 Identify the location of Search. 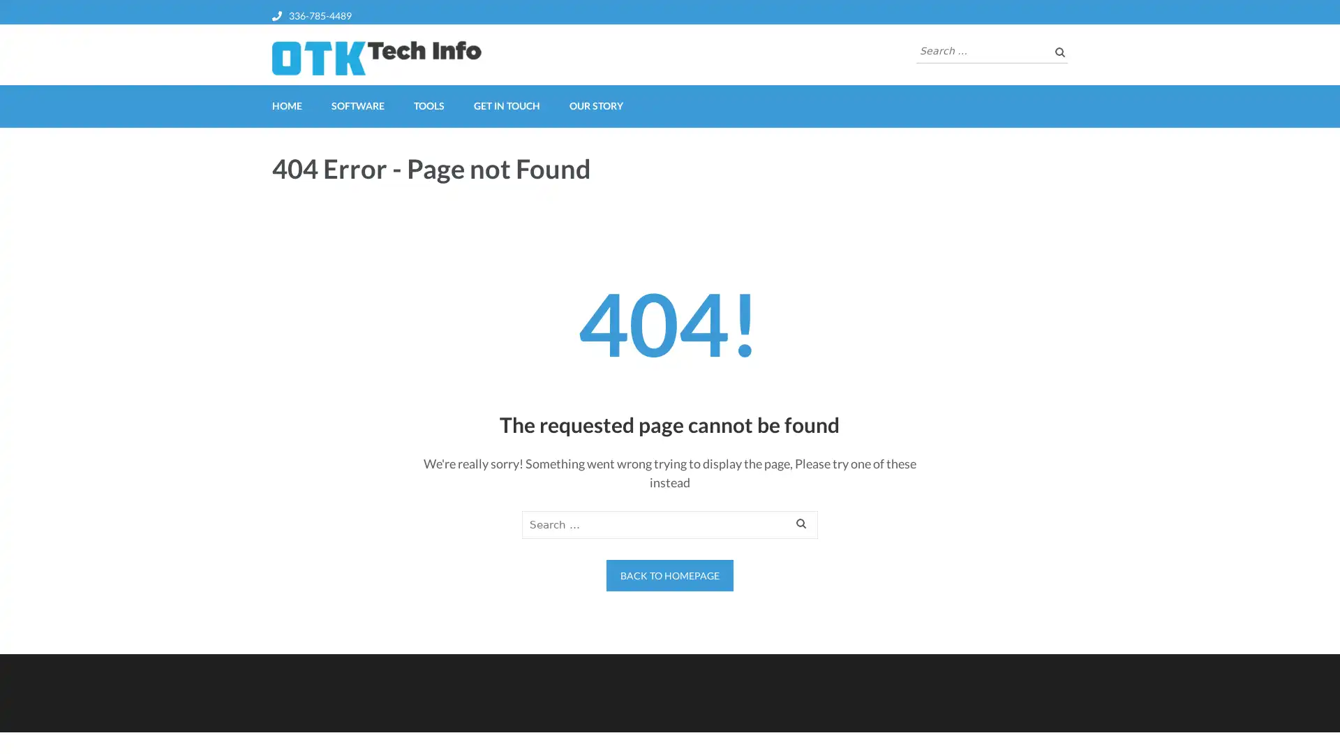
(802, 524).